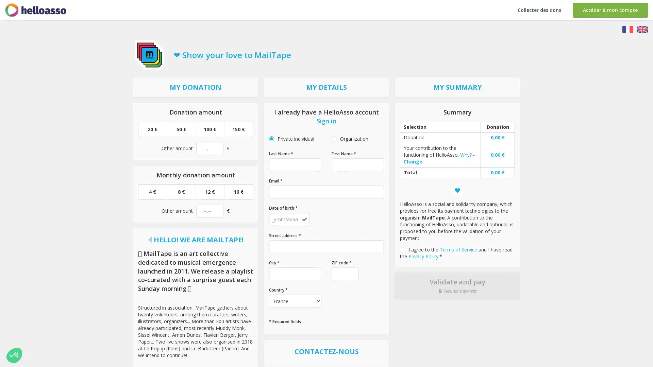 The image size is (653, 367). What do you see at coordinates (457, 285) in the screenshot?
I see `Validate and pay Secured payment` at bounding box center [457, 285].